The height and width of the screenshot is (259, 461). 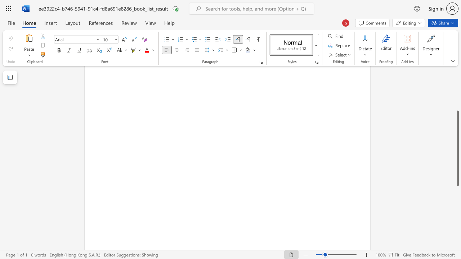 What do you see at coordinates (457, 82) in the screenshot?
I see `the right-hand scrollbar to ascend the page` at bounding box center [457, 82].